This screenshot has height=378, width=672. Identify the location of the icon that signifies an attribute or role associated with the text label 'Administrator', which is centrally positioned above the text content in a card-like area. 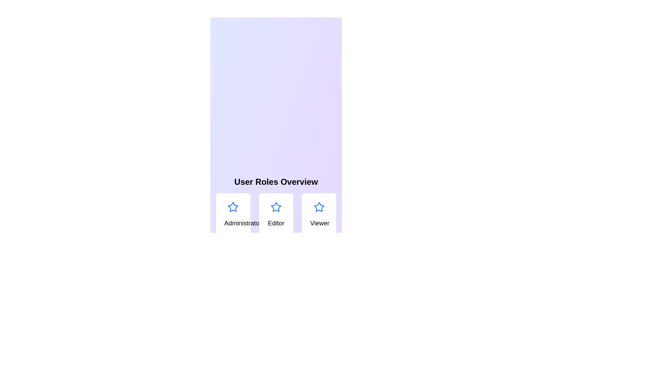
(233, 206).